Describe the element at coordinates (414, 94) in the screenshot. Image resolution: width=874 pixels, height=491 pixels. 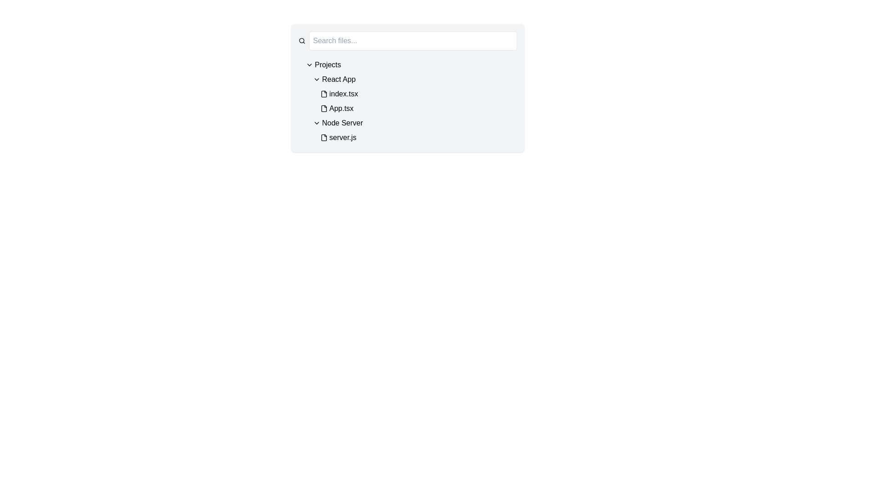
I see `on the file name 'App.tsx' located in the second row under the 'React App' section` at that location.